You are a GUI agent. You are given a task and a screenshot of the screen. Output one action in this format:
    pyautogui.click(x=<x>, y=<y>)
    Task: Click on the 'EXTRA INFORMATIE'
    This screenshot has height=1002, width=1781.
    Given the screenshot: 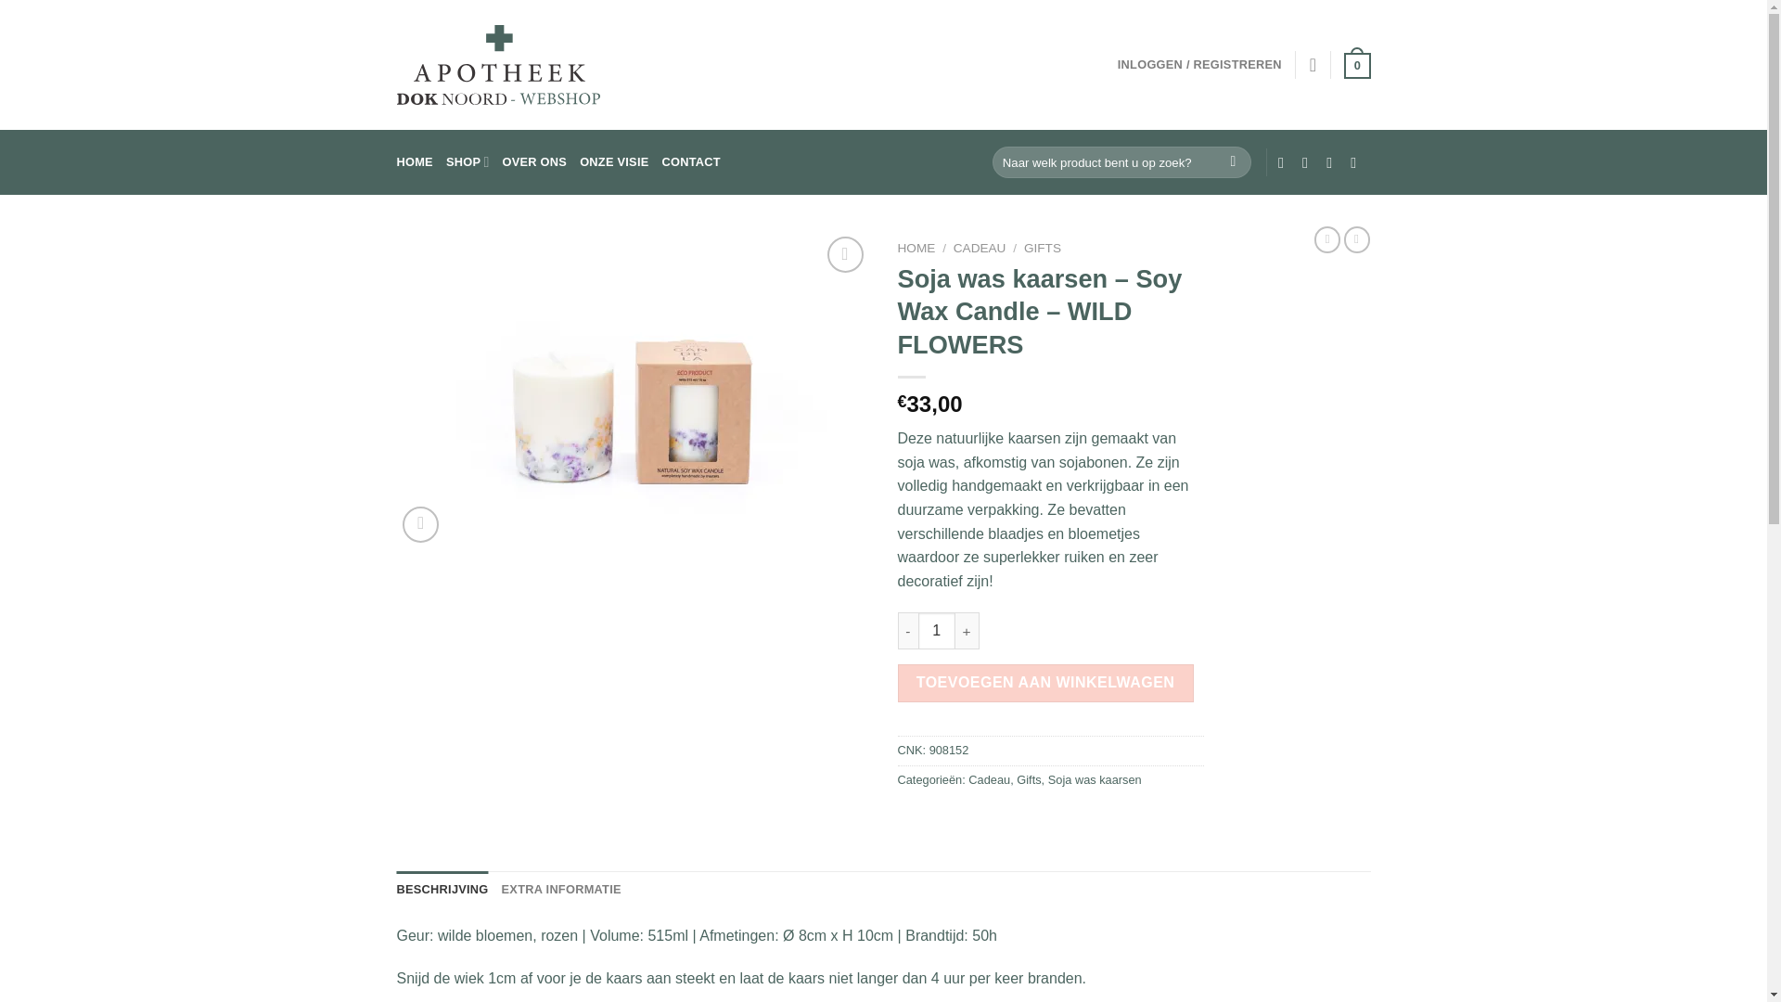 What is the action you would take?
    pyautogui.click(x=560, y=889)
    